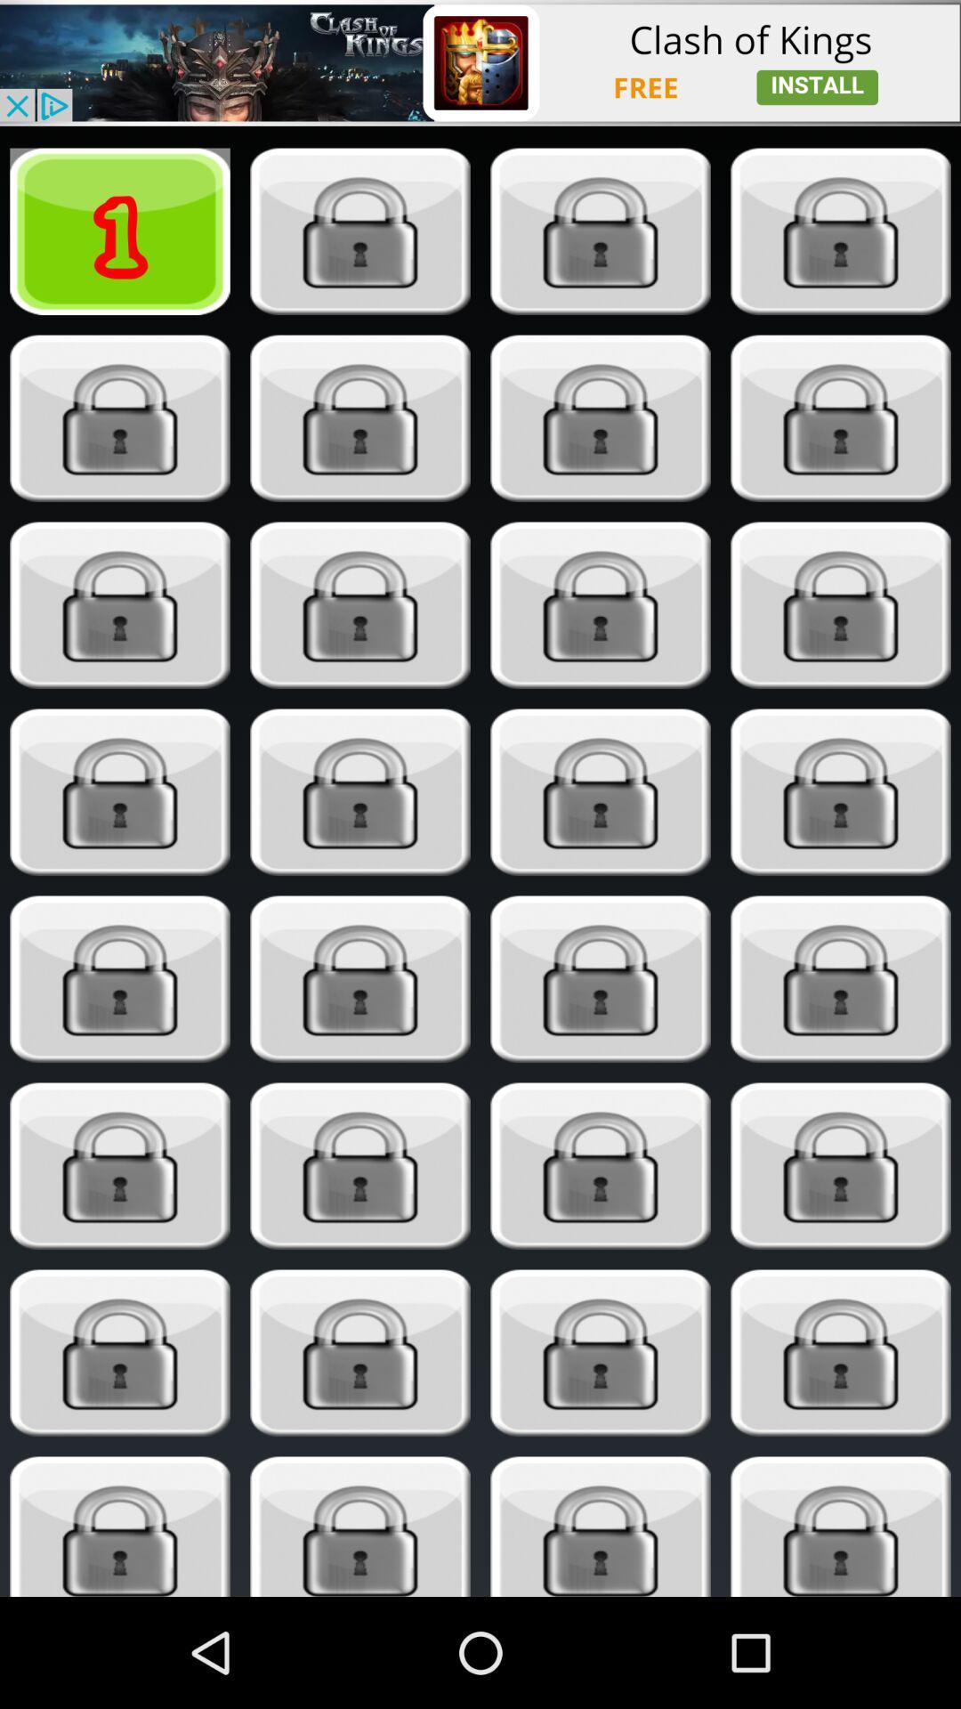 The image size is (961, 1709). I want to click on the widget, so click(360, 1166).